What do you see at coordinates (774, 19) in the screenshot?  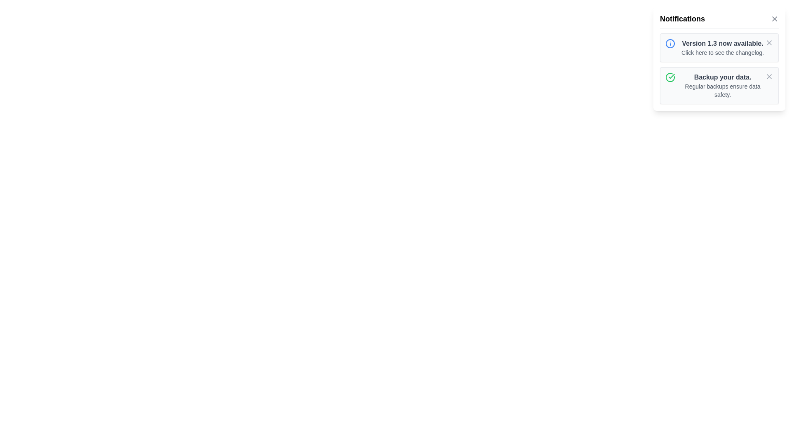 I see `the close button in the top-right corner of the notification drawer` at bounding box center [774, 19].